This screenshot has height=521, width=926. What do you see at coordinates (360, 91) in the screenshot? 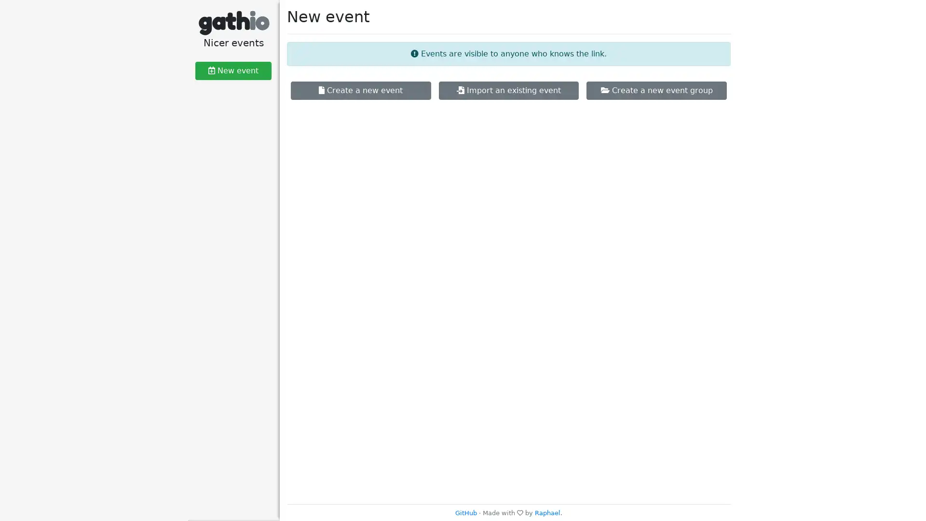
I see `Create a new event` at bounding box center [360, 91].